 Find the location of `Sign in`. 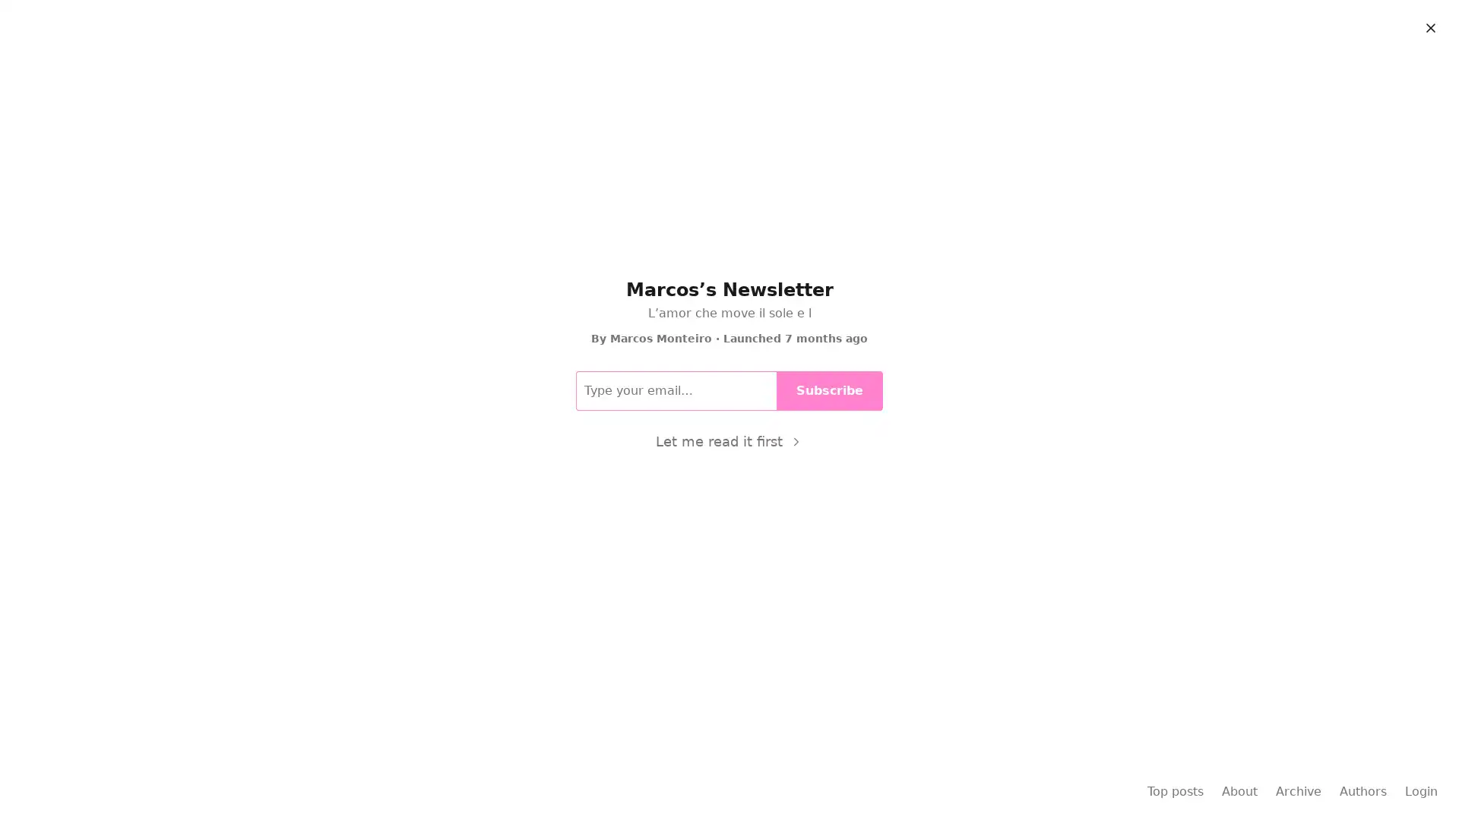

Sign in is located at coordinates (1416, 24).